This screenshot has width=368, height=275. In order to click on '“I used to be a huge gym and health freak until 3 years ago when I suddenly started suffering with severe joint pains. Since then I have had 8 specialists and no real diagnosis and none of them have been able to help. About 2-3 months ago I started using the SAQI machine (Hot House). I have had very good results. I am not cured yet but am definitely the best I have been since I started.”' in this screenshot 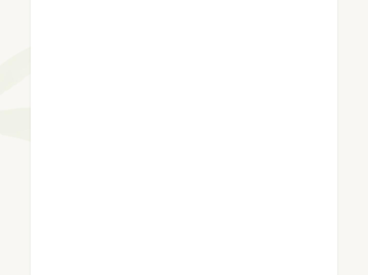, I will do `click(183, 202)`.